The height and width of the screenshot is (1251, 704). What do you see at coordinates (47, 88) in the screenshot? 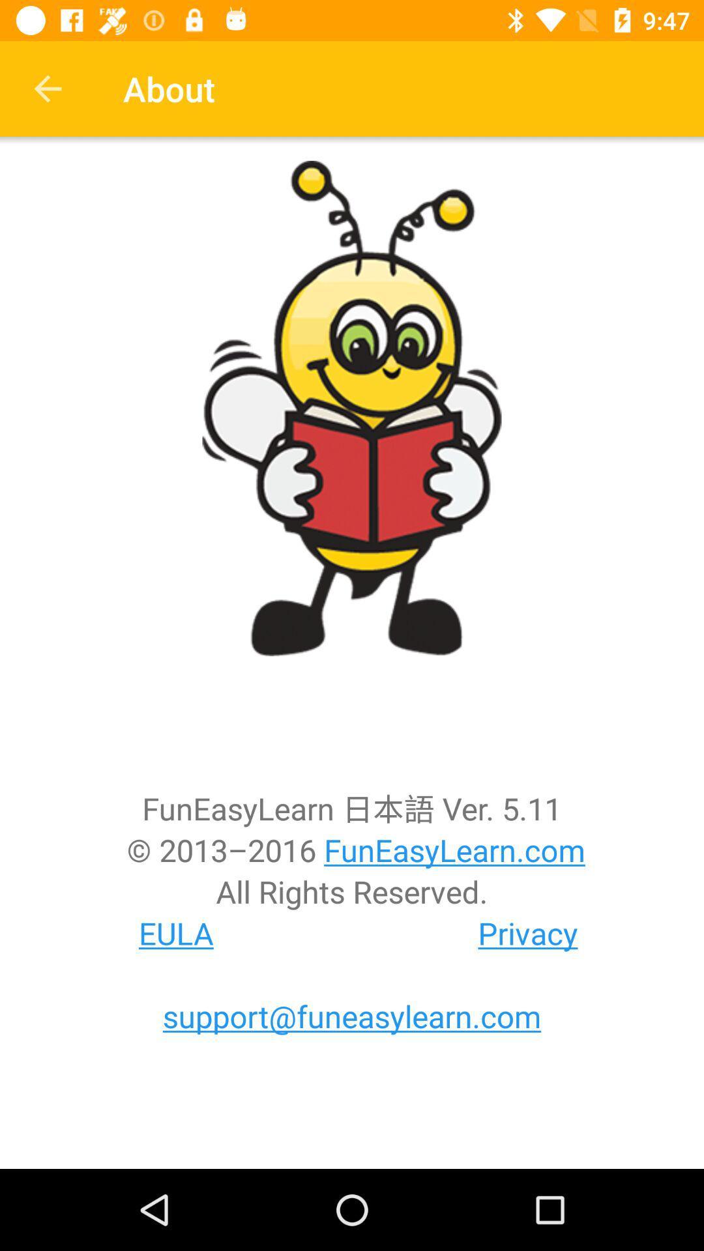
I see `item to the left of the about` at bounding box center [47, 88].